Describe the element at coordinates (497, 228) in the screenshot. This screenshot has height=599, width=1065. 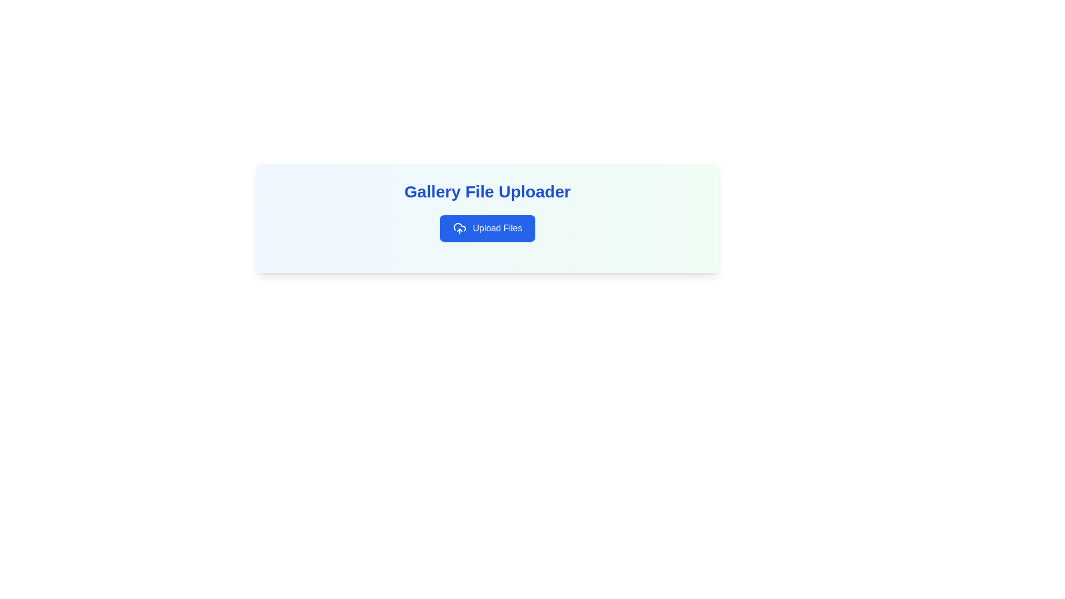
I see `the text label within the upload button that indicates the button's purpose, located to the right of the icon and below the 'Gallery File Uploader' heading` at that location.